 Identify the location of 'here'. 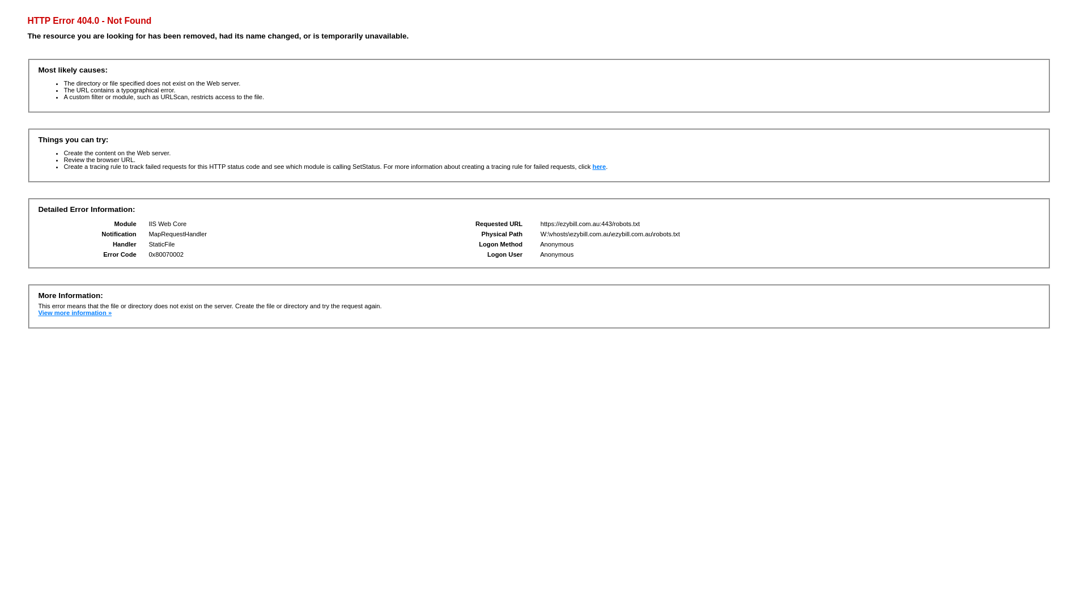
(598, 166).